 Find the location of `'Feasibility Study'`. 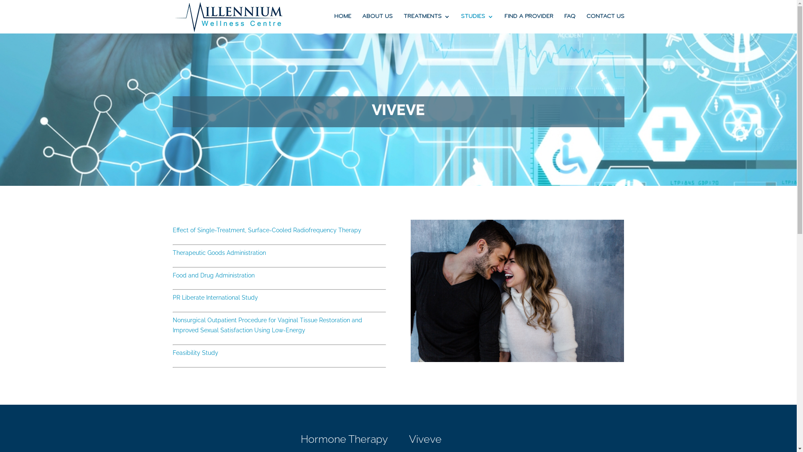

'Feasibility Study' is located at coordinates (194, 353).